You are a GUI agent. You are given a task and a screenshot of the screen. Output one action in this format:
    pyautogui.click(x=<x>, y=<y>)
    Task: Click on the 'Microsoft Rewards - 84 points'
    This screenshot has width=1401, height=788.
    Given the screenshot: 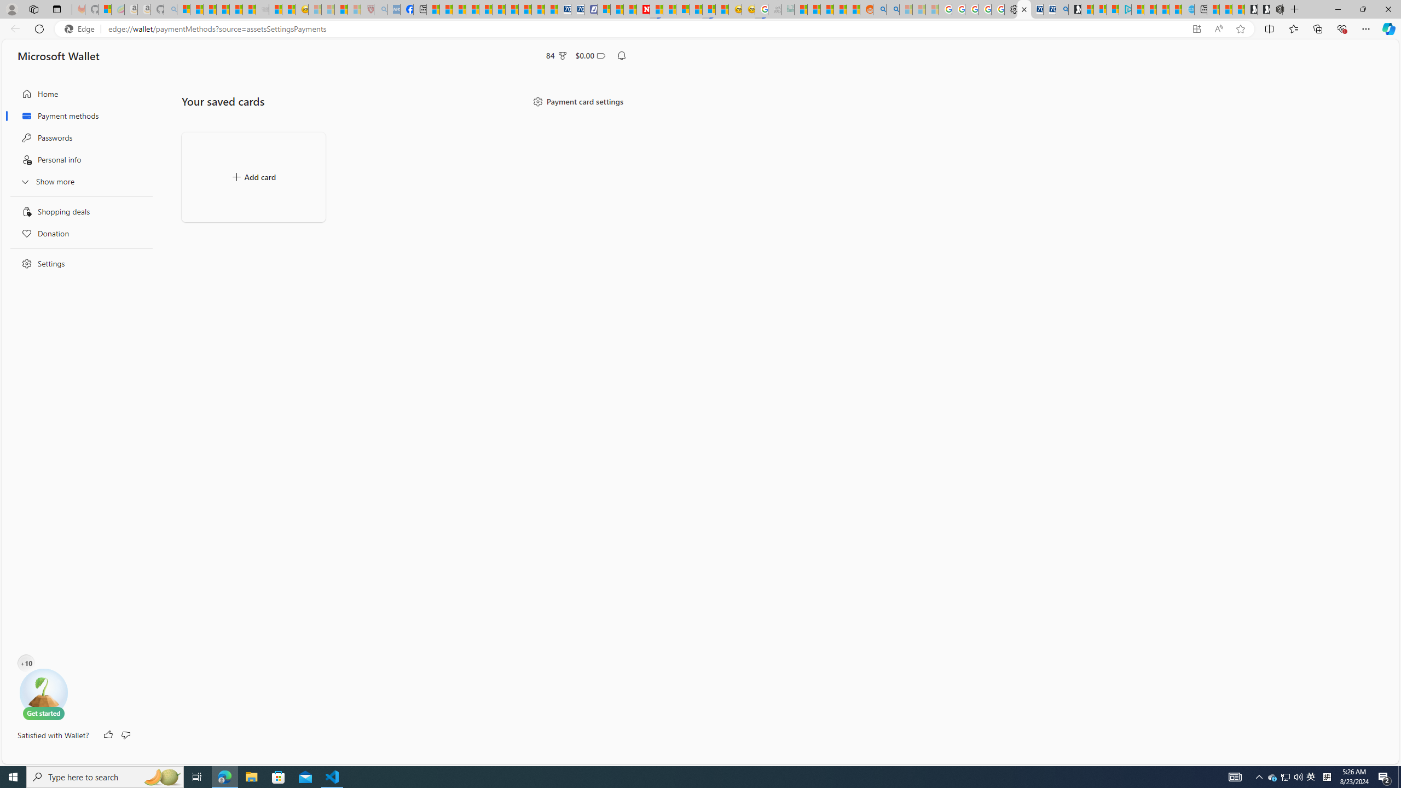 What is the action you would take?
    pyautogui.click(x=556, y=55)
    